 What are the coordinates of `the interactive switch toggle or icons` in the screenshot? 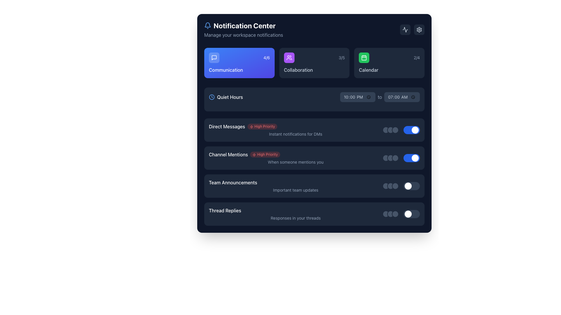 It's located at (401, 130).